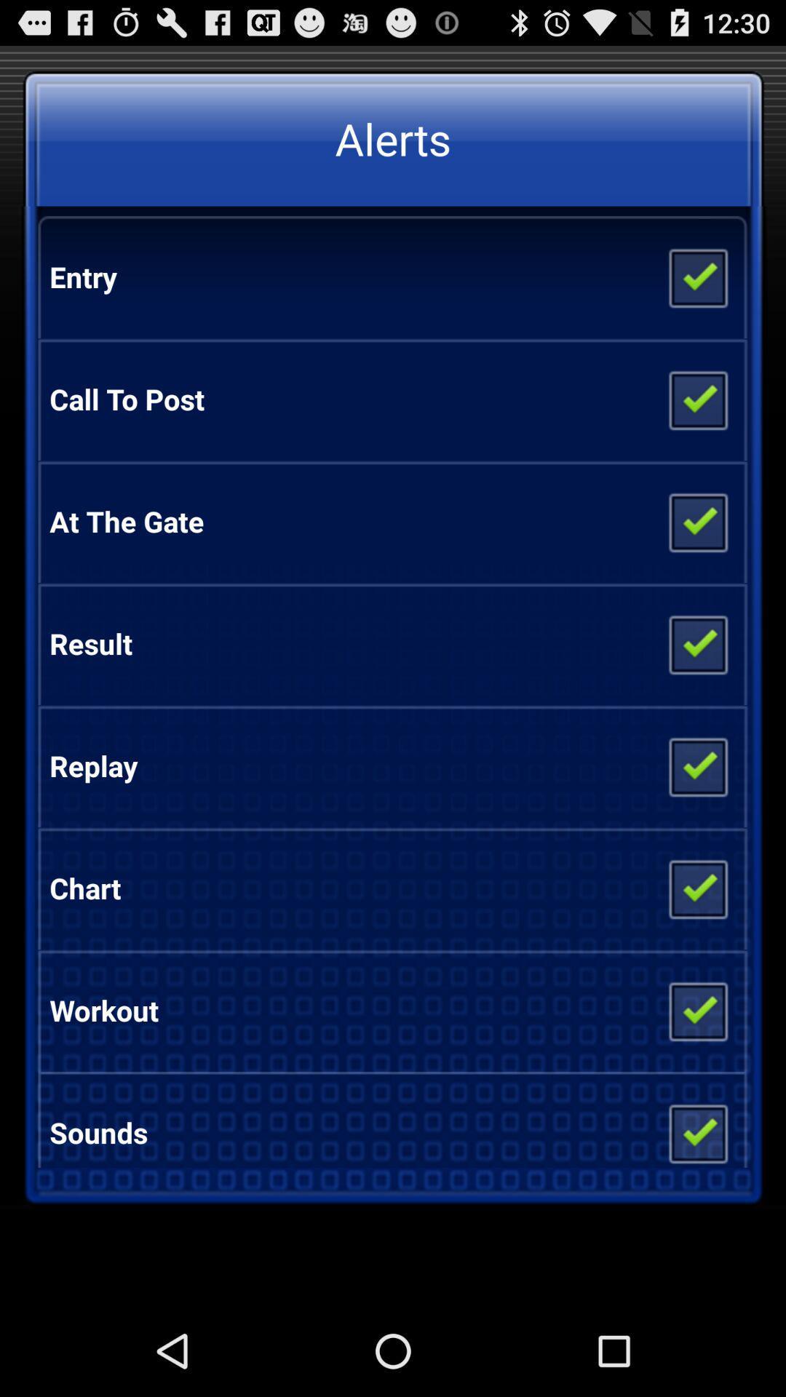 Image resolution: width=786 pixels, height=1397 pixels. Describe the element at coordinates (696, 1126) in the screenshot. I see `app next to sounds` at that location.